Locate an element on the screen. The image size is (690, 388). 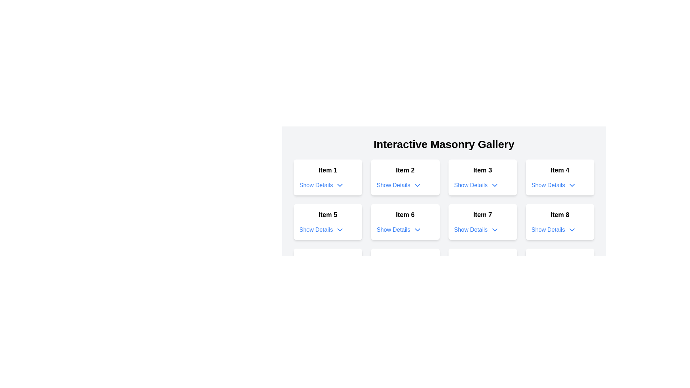
the hyperlink 'Show Details' for keyboard navigation, located in the second row, third column of the grid below 'Item 6' is located at coordinates (399, 230).